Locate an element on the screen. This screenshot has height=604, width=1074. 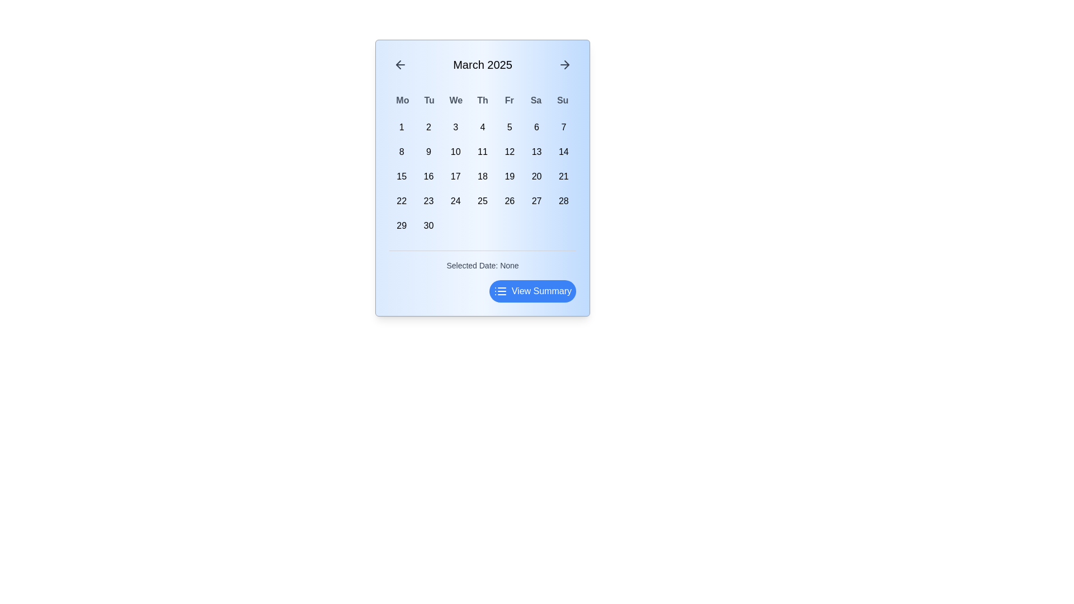
the circular button labeled '28' with a light-gray hover effect, located in the last position of the fourth row in a 7-column grid under the 'Su' header is located at coordinates (563, 200).